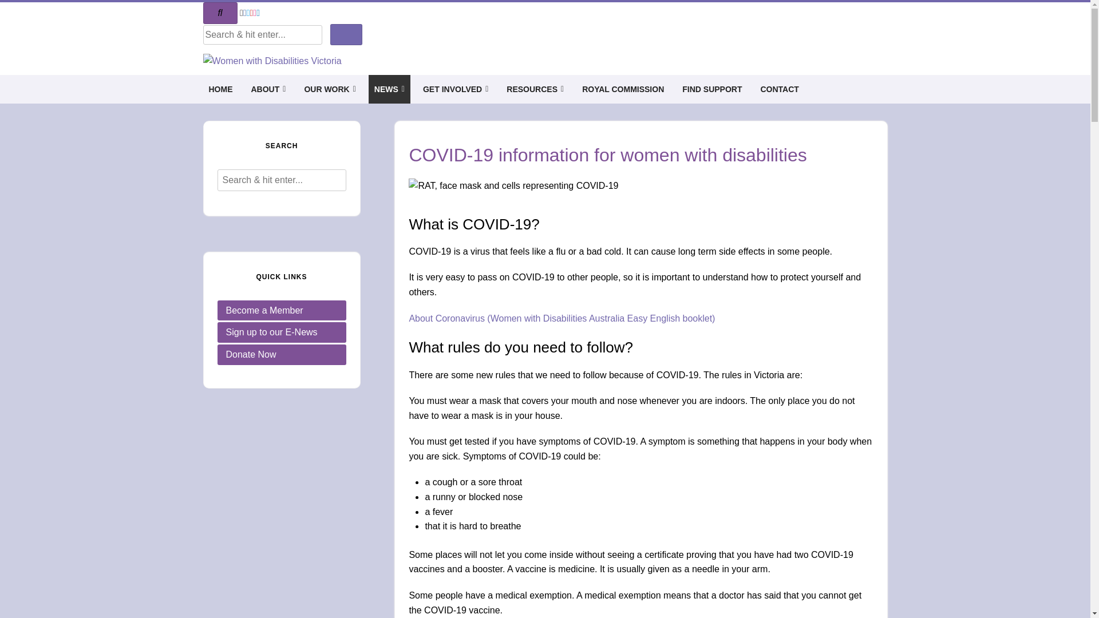 This screenshot has height=618, width=1099. Describe the element at coordinates (389, 88) in the screenshot. I see `'NEWS'` at that location.